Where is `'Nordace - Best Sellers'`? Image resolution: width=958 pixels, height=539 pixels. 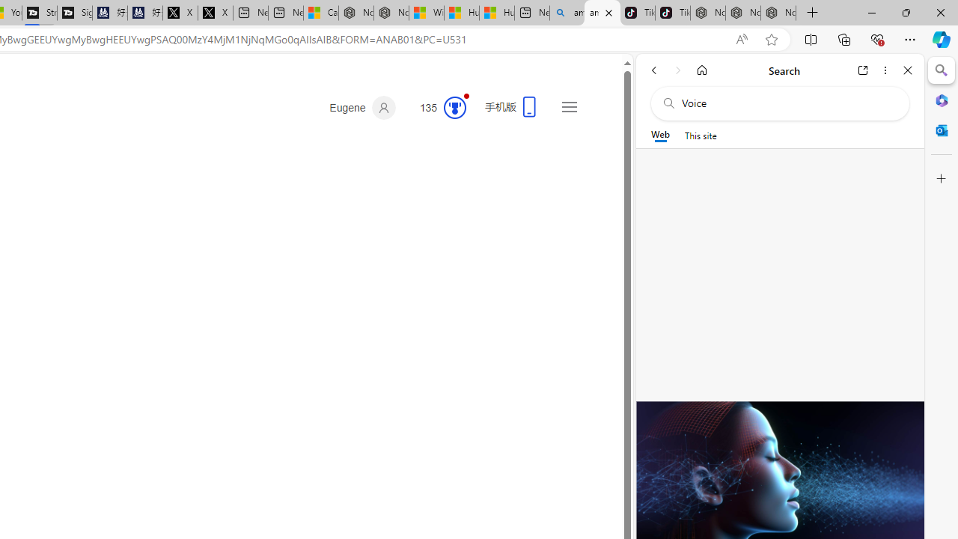
'Nordace - Best Sellers' is located at coordinates (707, 13).